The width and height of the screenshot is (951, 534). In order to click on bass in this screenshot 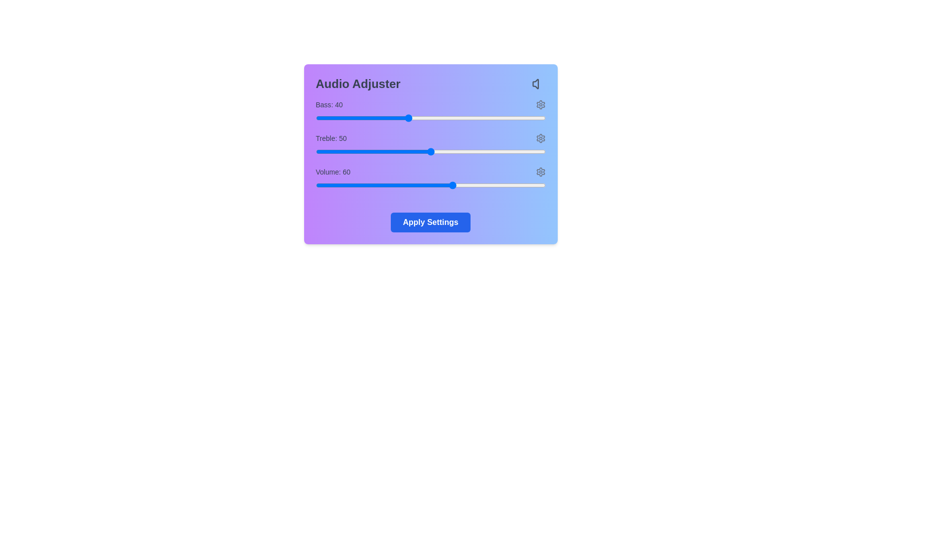, I will do `click(462, 114)`.